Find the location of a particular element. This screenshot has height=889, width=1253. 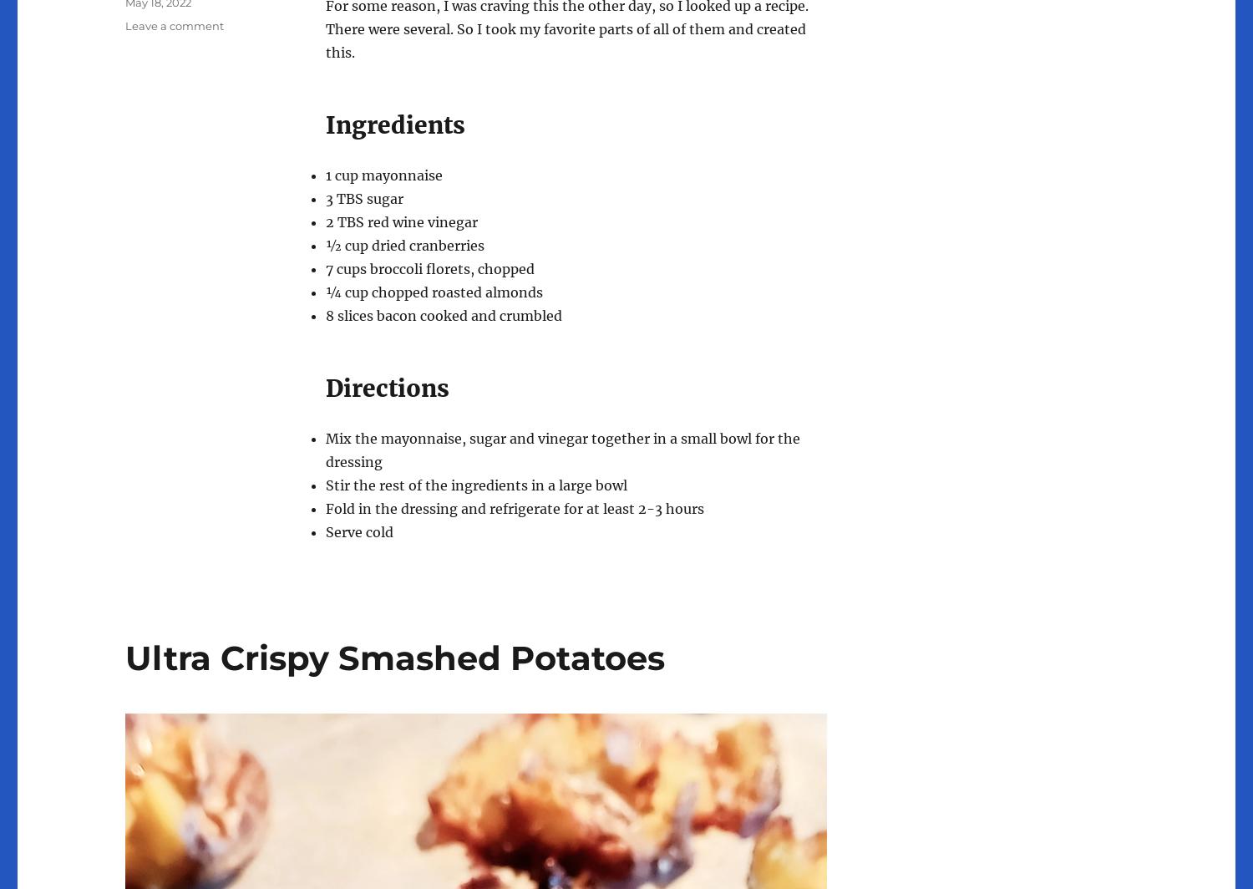

'Ultra Crispy Smashed Potatoes' is located at coordinates (125, 657).